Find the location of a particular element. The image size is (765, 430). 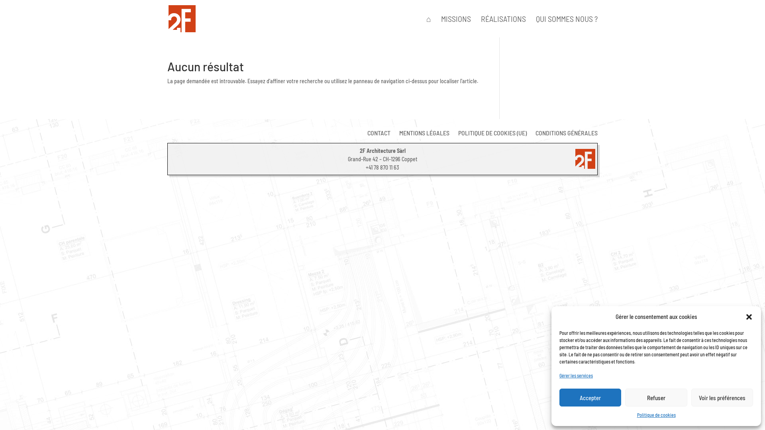

'Politique de cookies' is located at coordinates (656, 414).